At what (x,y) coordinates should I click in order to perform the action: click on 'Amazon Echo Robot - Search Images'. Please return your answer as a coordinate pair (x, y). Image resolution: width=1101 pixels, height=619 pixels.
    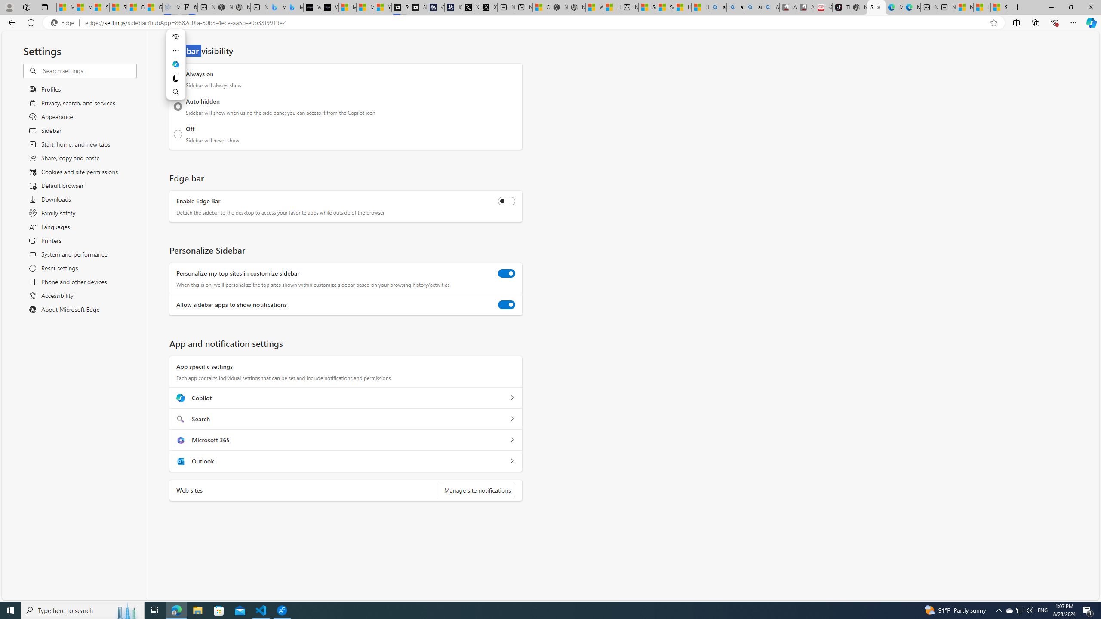
    Looking at the image, I should click on (770, 7).